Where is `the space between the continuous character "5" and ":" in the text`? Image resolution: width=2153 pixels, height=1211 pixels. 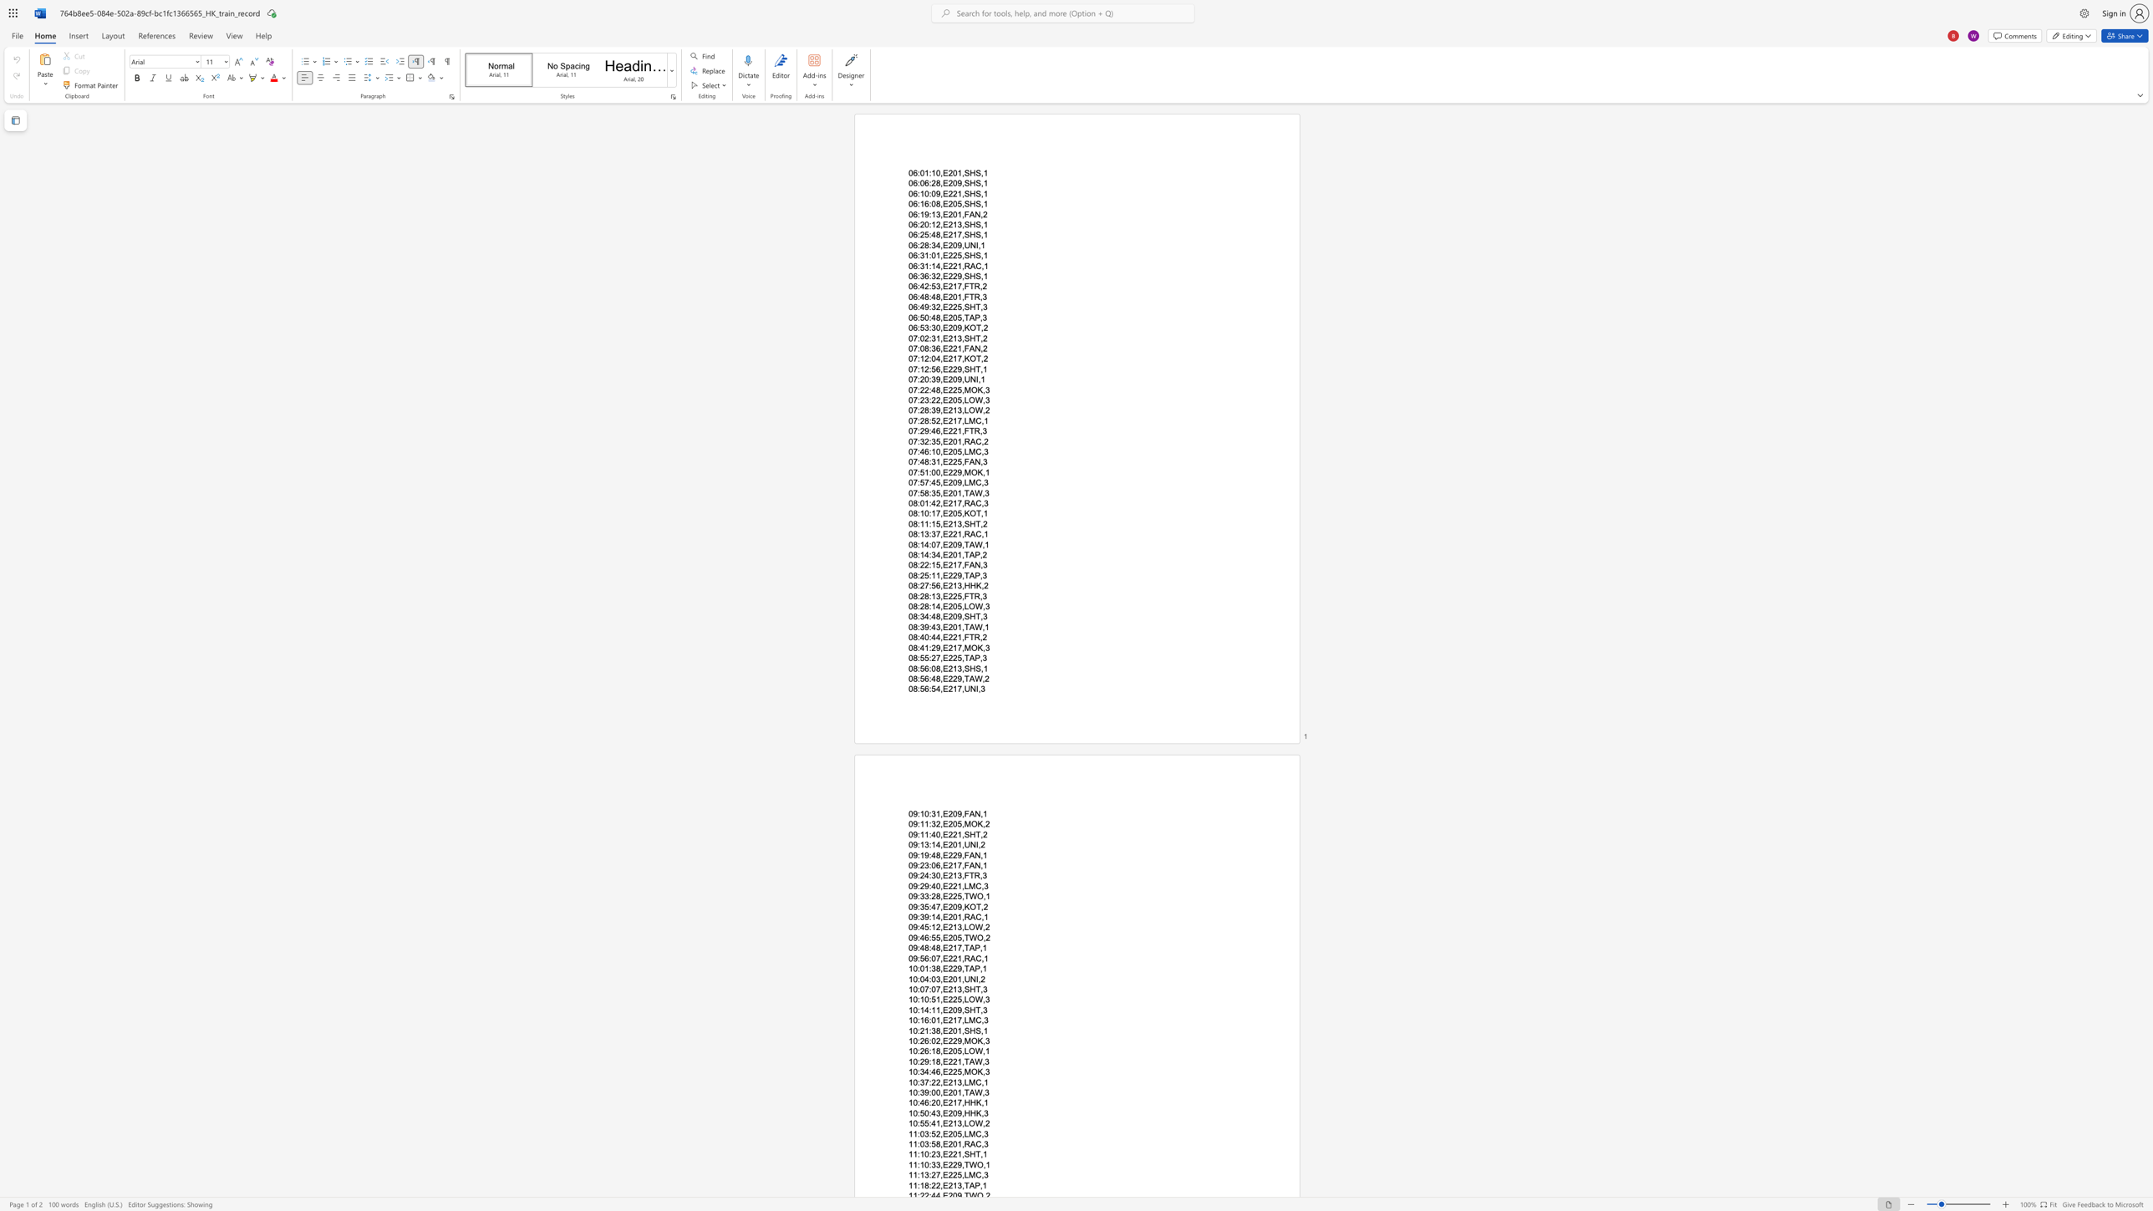 the space between the continuous character "5" and ":" in the text is located at coordinates (929, 906).